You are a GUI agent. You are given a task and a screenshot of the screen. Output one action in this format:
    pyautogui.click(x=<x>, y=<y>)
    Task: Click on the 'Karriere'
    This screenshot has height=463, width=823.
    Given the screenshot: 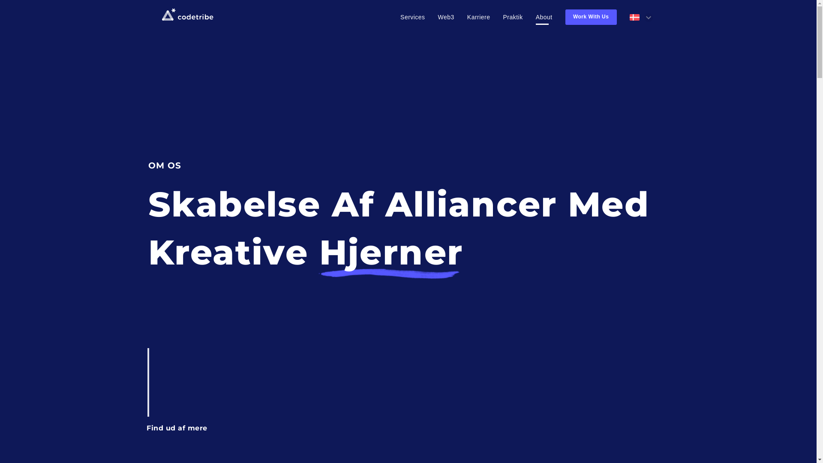 What is the action you would take?
    pyautogui.click(x=478, y=17)
    